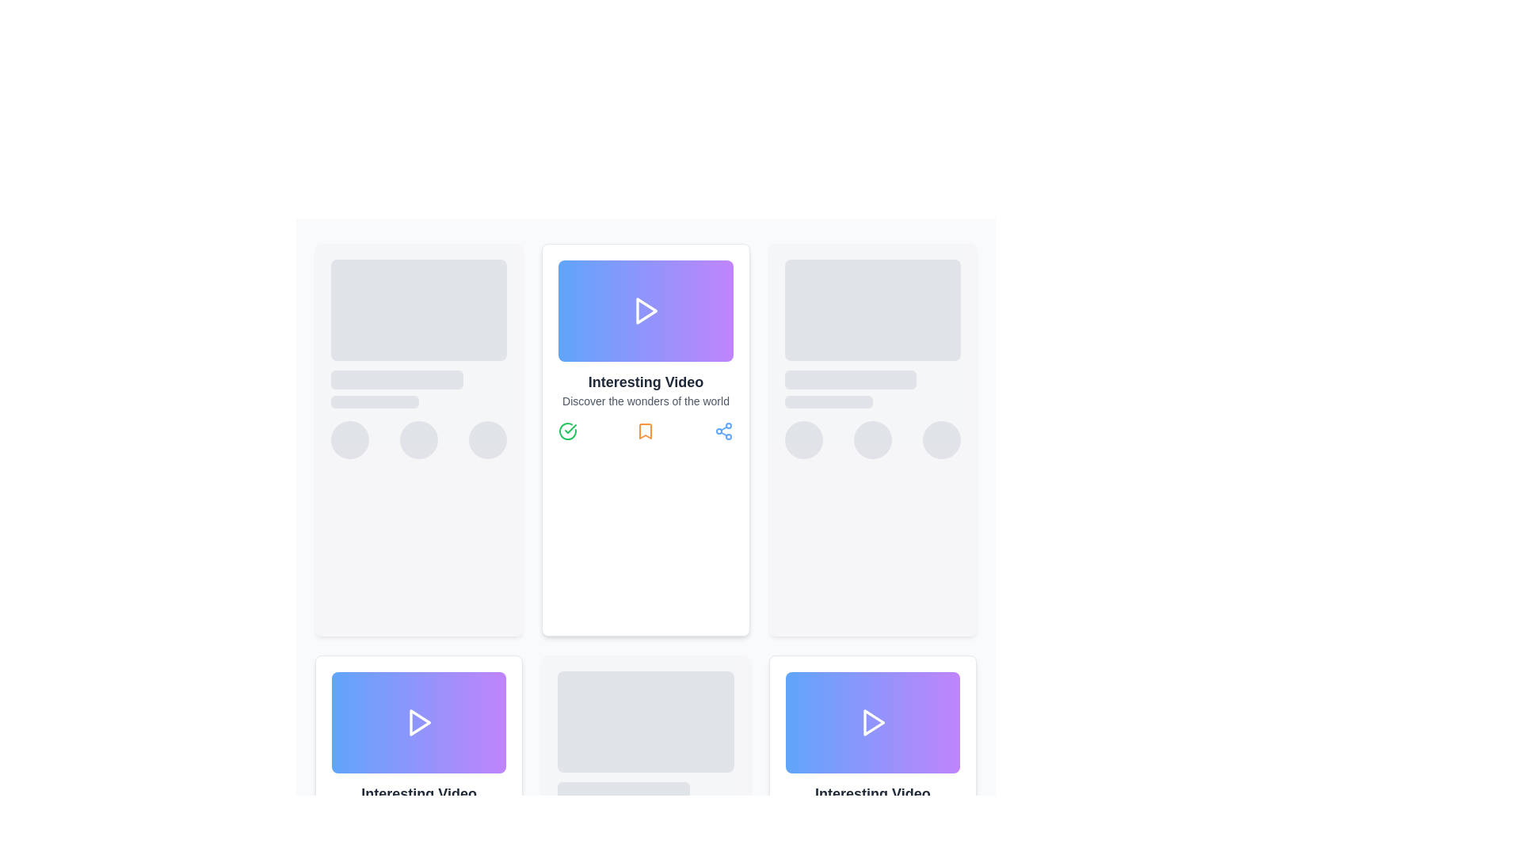 This screenshot has height=855, width=1521. What do you see at coordinates (871, 793) in the screenshot?
I see `text block displaying 'Interesting Video' in bold, dark gray font located below the gradient-filled rectangle` at bounding box center [871, 793].